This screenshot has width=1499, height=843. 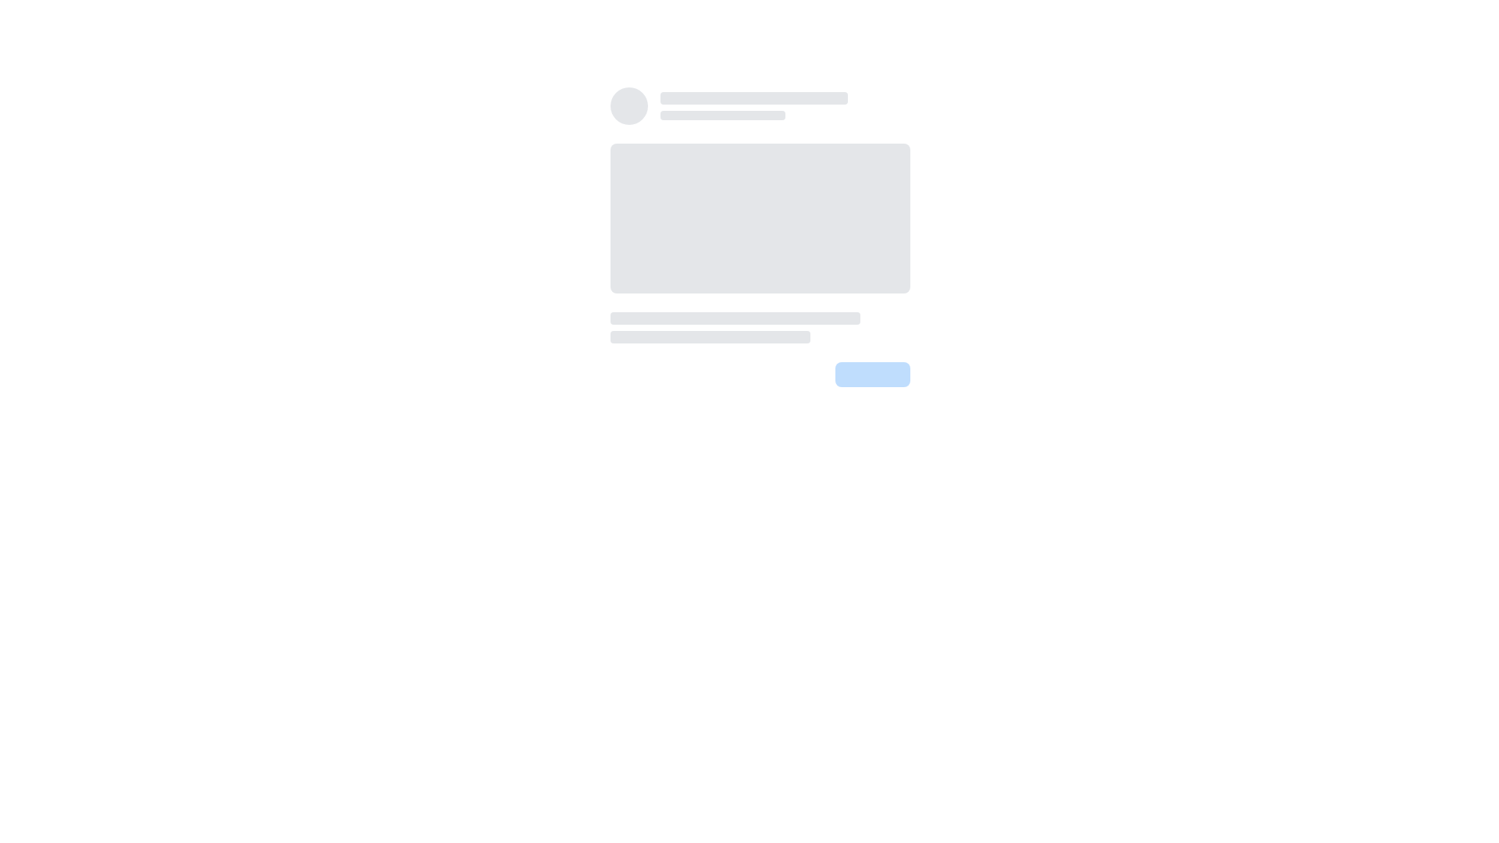 What do you see at coordinates (753, 98) in the screenshot?
I see `the top placeholder stripe, which is a horizontal bar styled as a light gray placeholder located in the upper-left quadrant of the layout` at bounding box center [753, 98].